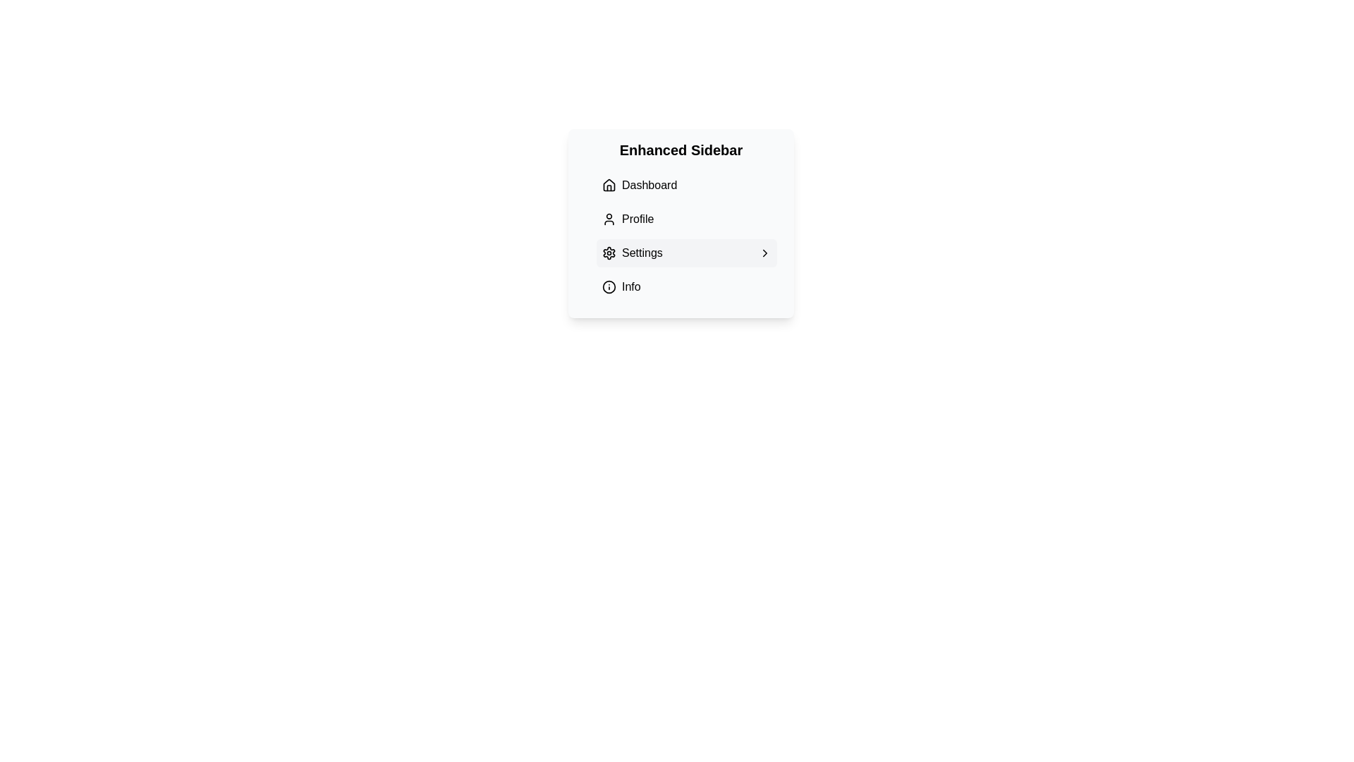 This screenshot has height=762, width=1354. Describe the element at coordinates (764, 252) in the screenshot. I see `the right-pointing chevron icon located to the far right of the 'Settings' text in the sidebar menu` at that location.